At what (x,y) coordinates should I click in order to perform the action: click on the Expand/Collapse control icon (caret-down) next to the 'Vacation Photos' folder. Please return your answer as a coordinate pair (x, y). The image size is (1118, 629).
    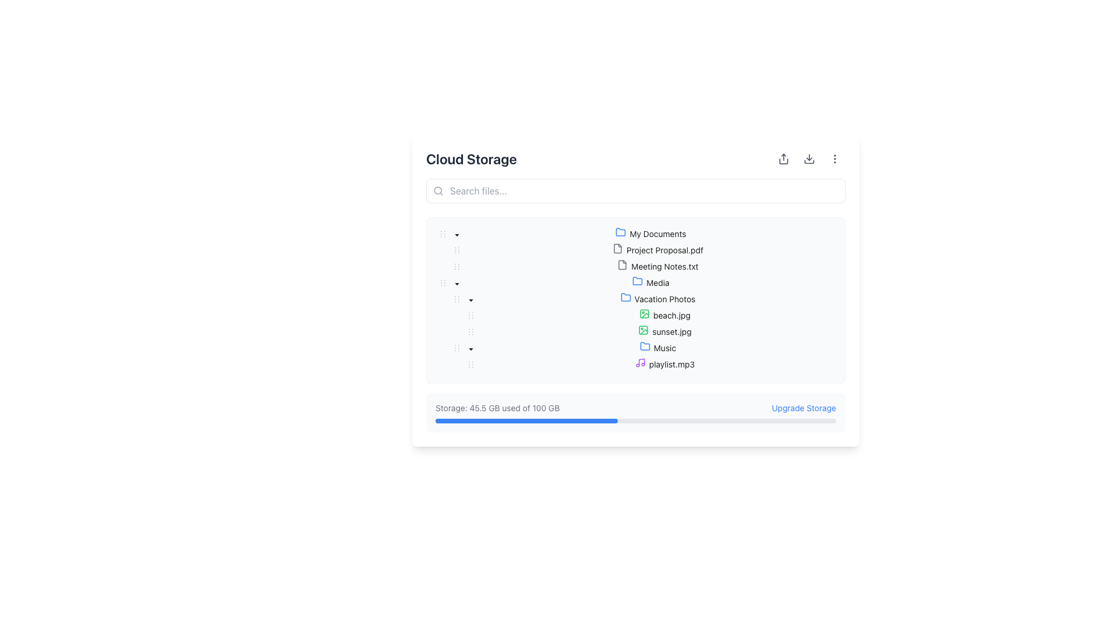
    Looking at the image, I should click on (457, 284).